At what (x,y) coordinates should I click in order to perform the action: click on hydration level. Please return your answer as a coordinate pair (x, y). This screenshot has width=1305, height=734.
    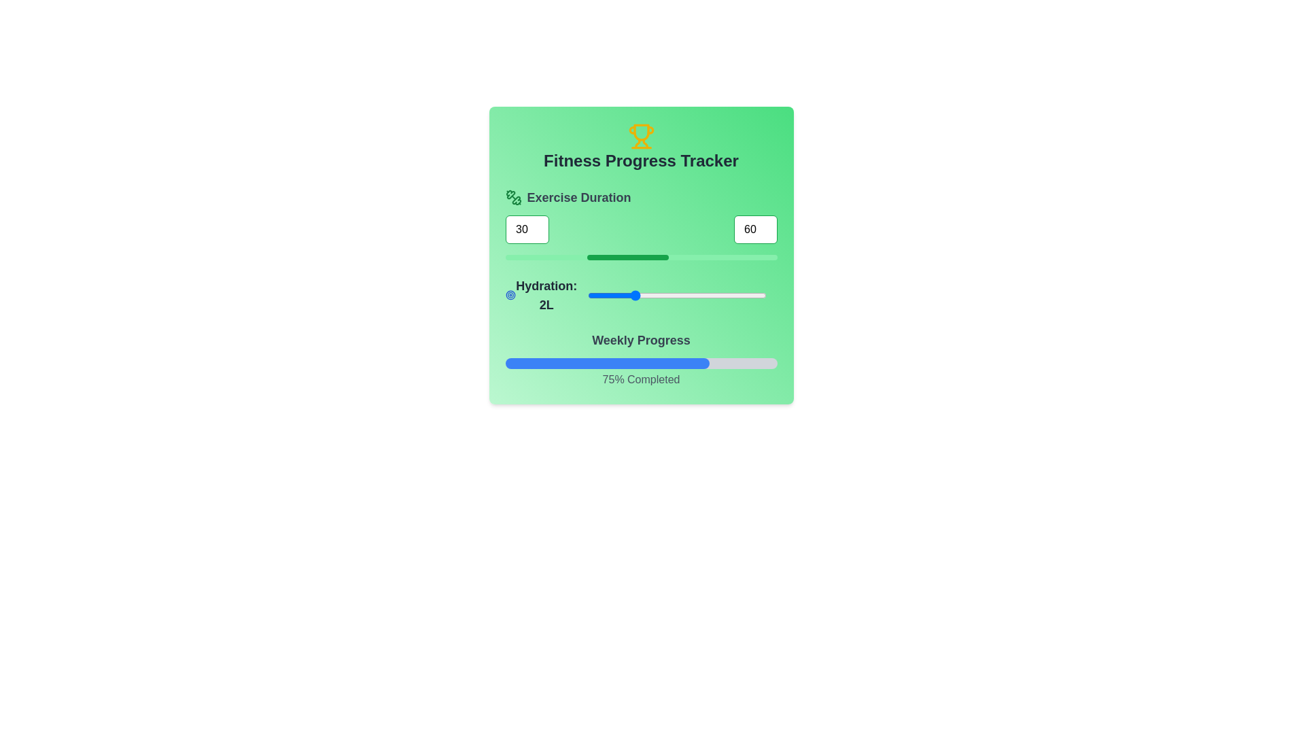
    Looking at the image, I should click on (720, 295).